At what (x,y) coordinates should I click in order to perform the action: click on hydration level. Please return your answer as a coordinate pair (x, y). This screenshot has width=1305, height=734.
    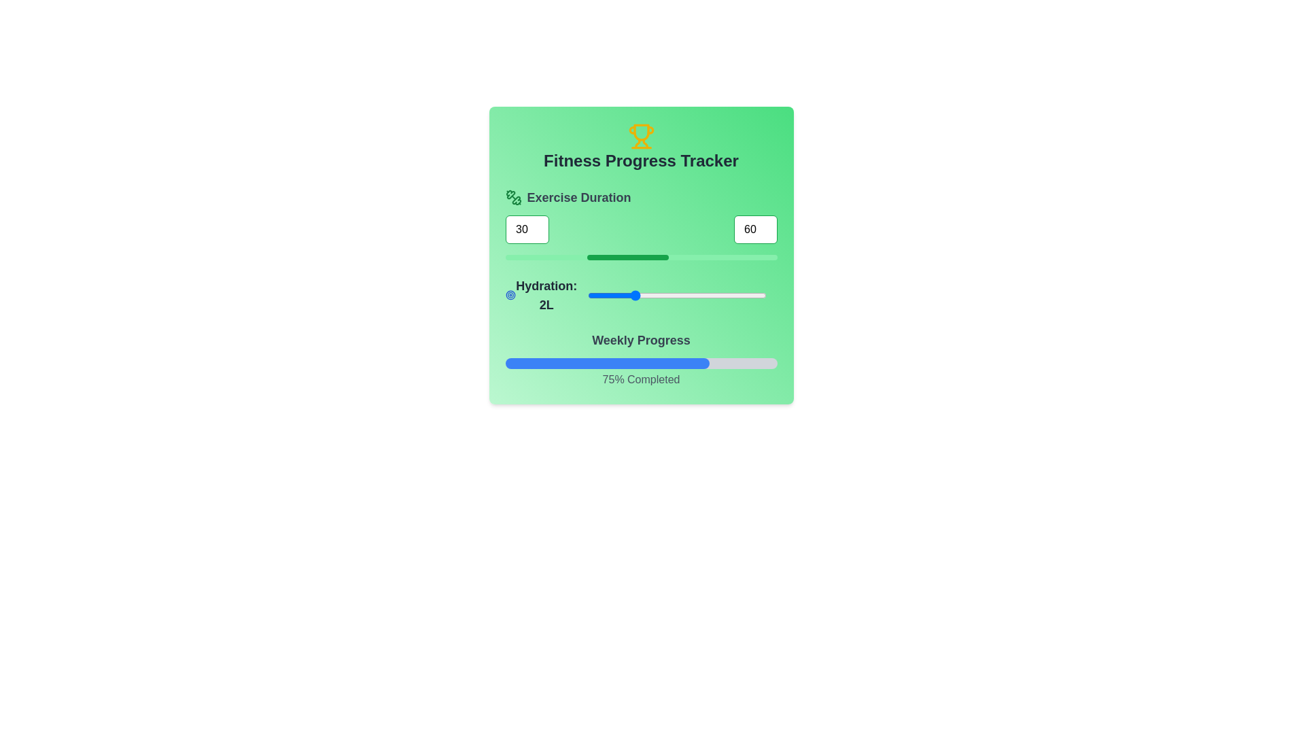
    Looking at the image, I should click on (720, 295).